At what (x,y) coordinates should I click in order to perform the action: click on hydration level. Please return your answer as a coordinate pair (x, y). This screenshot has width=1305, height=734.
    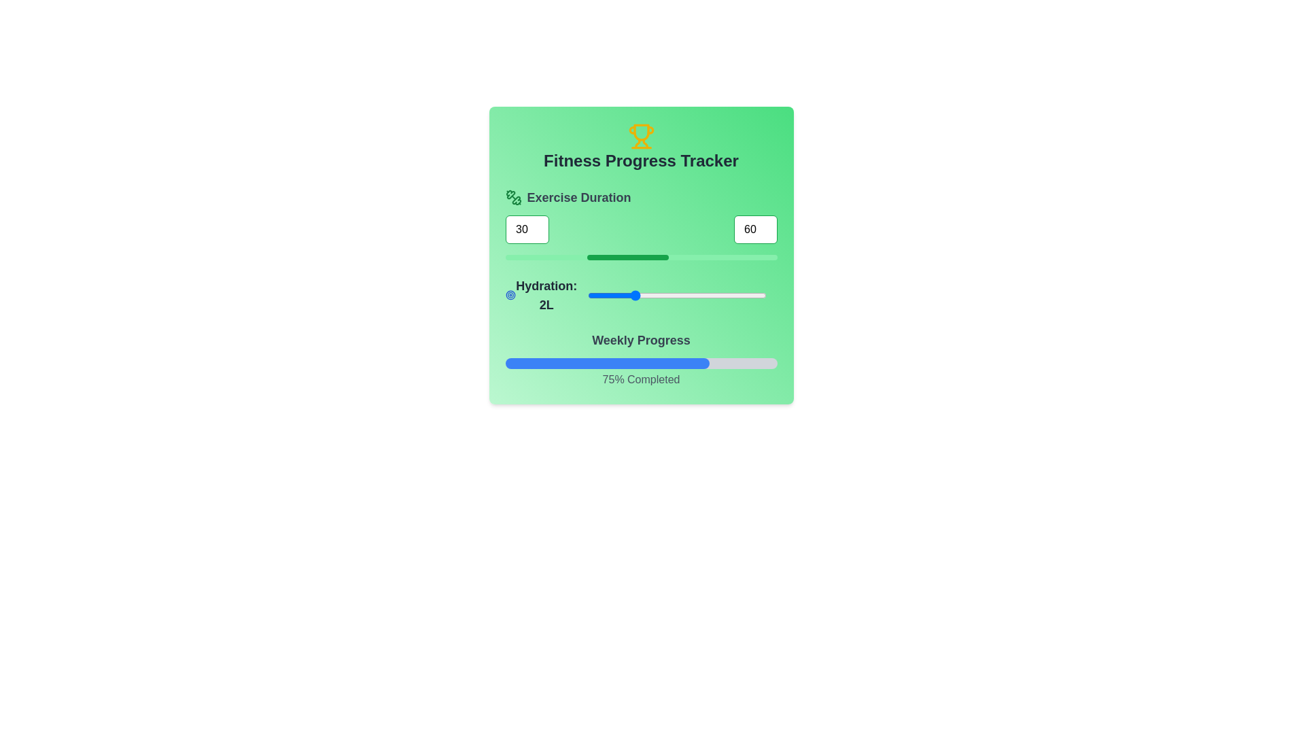
    Looking at the image, I should click on (720, 295).